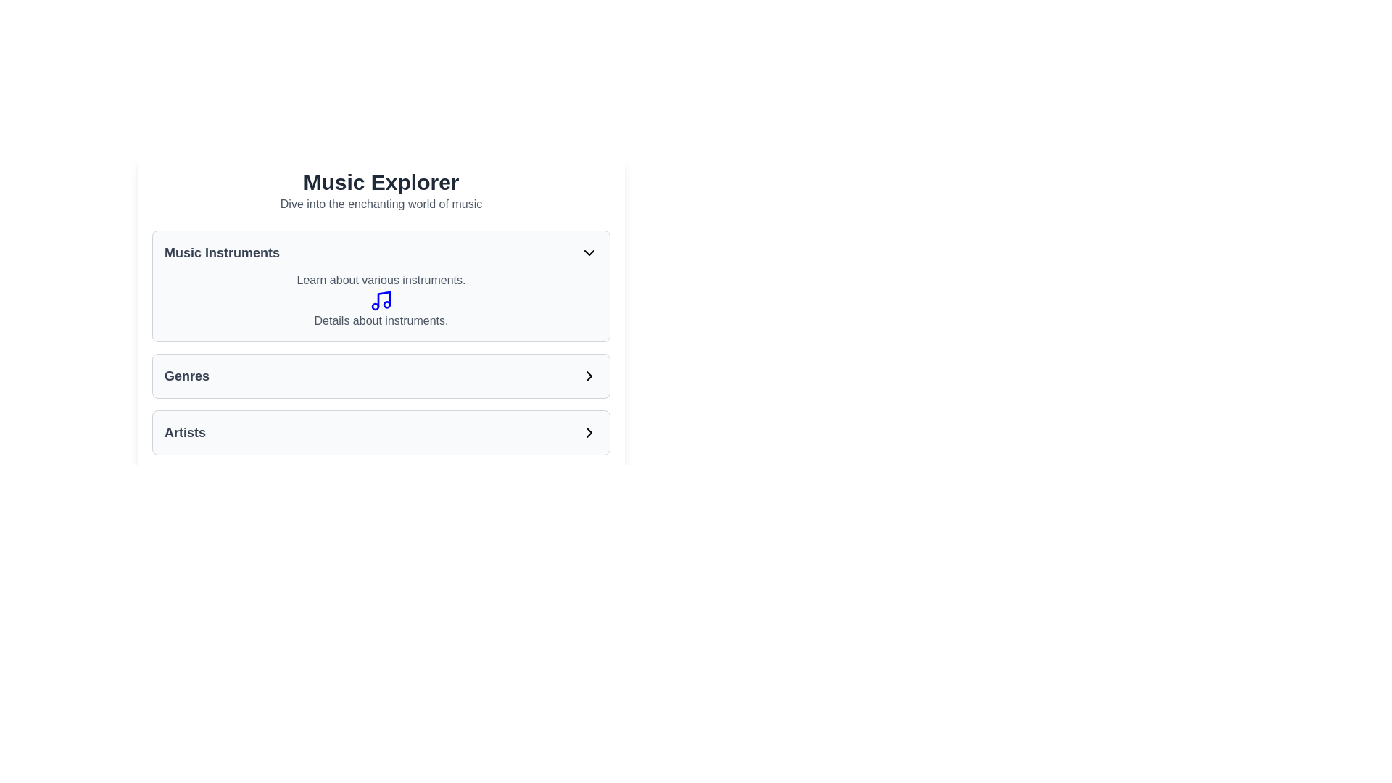 This screenshot has width=1392, height=783. What do you see at coordinates (589, 376) in the screenshot?
I see `the black chevron arrow icon located to the right of the 'Genres' list item in the menu interface` at bounding box center [589, 376].